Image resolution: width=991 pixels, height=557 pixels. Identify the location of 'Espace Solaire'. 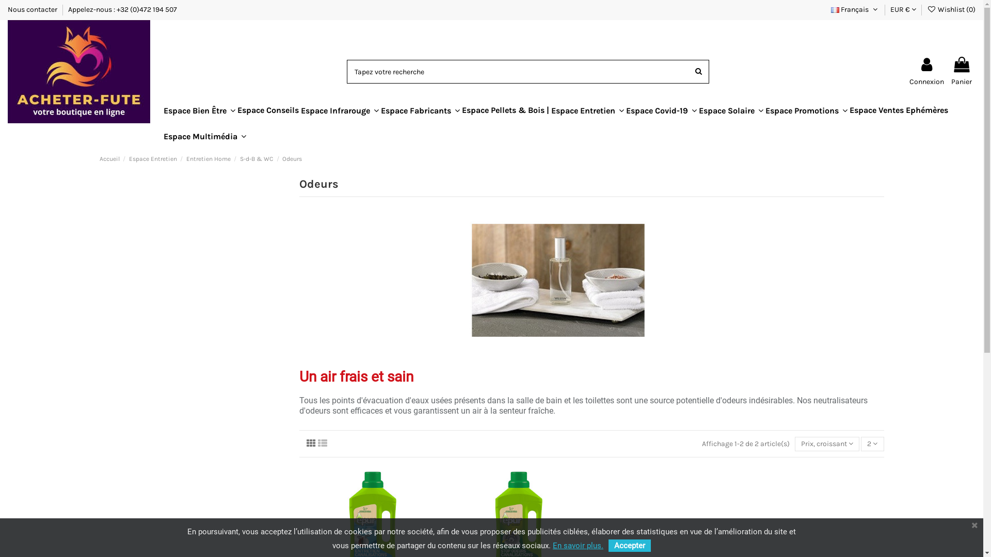
(730, 110).